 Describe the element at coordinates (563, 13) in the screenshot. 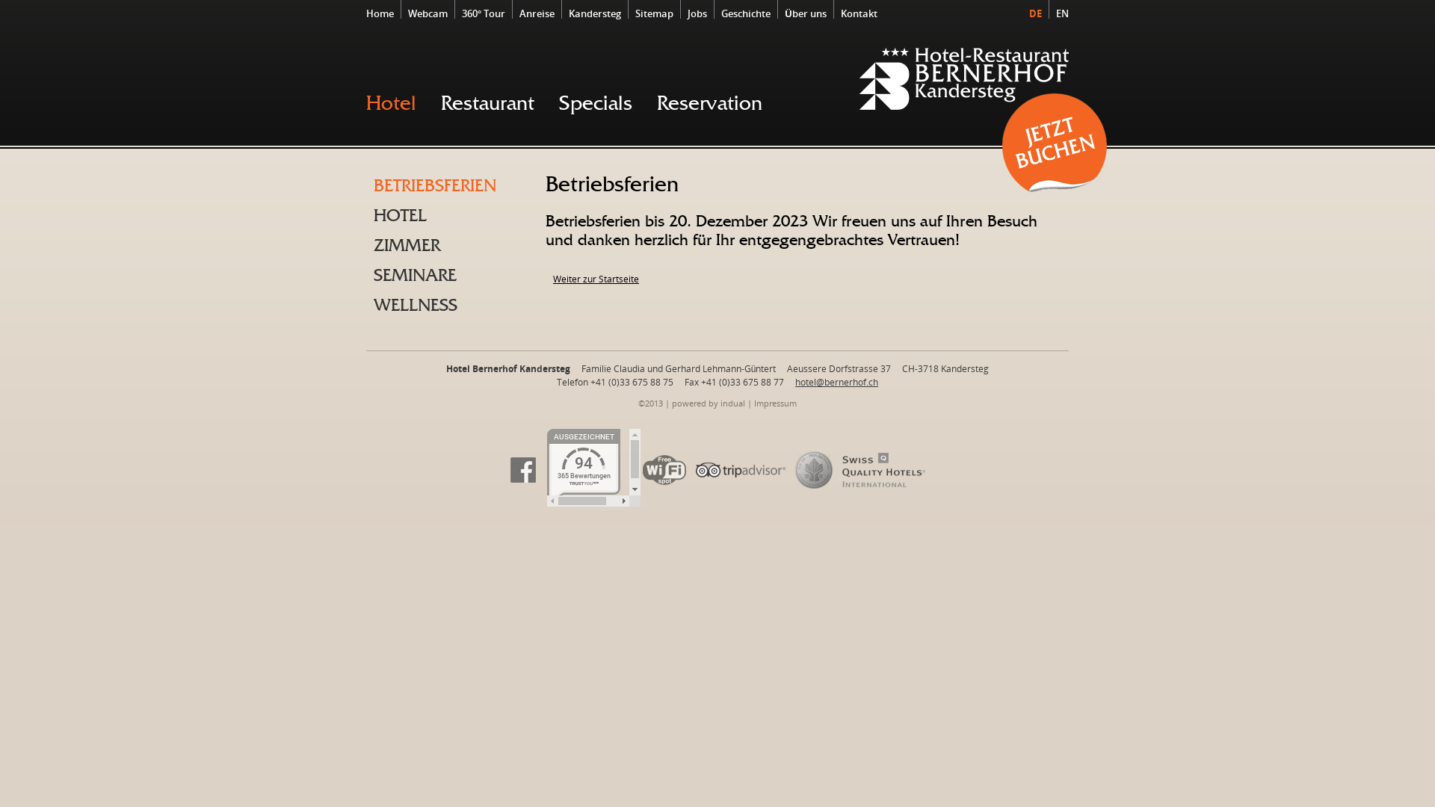

I see `'Kandersteg'` at that location.